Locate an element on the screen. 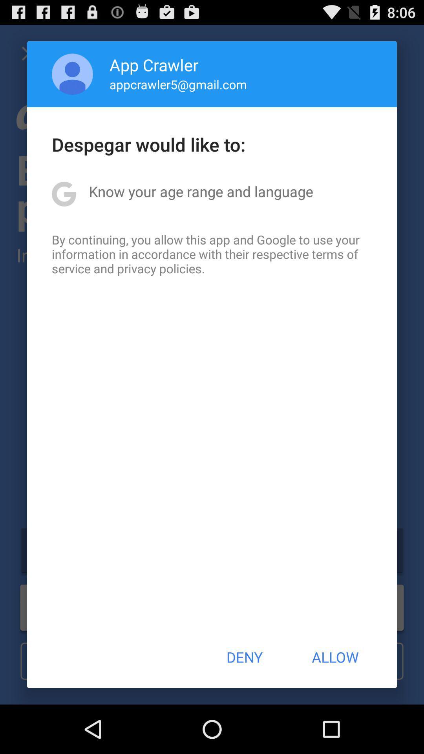 The height and width of the screenshot is (754, 424). know your age item is located at coordinates (201, 191).